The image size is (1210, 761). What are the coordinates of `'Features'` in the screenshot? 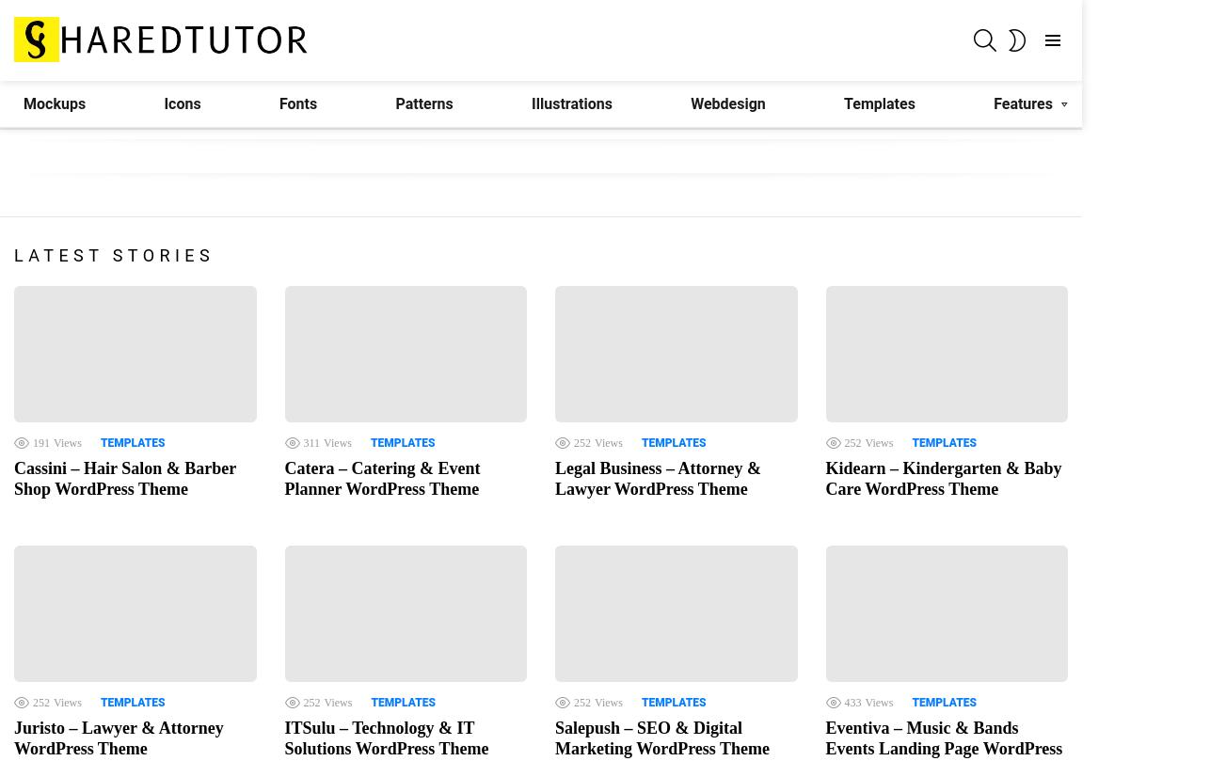 It's located at (1022, 103).